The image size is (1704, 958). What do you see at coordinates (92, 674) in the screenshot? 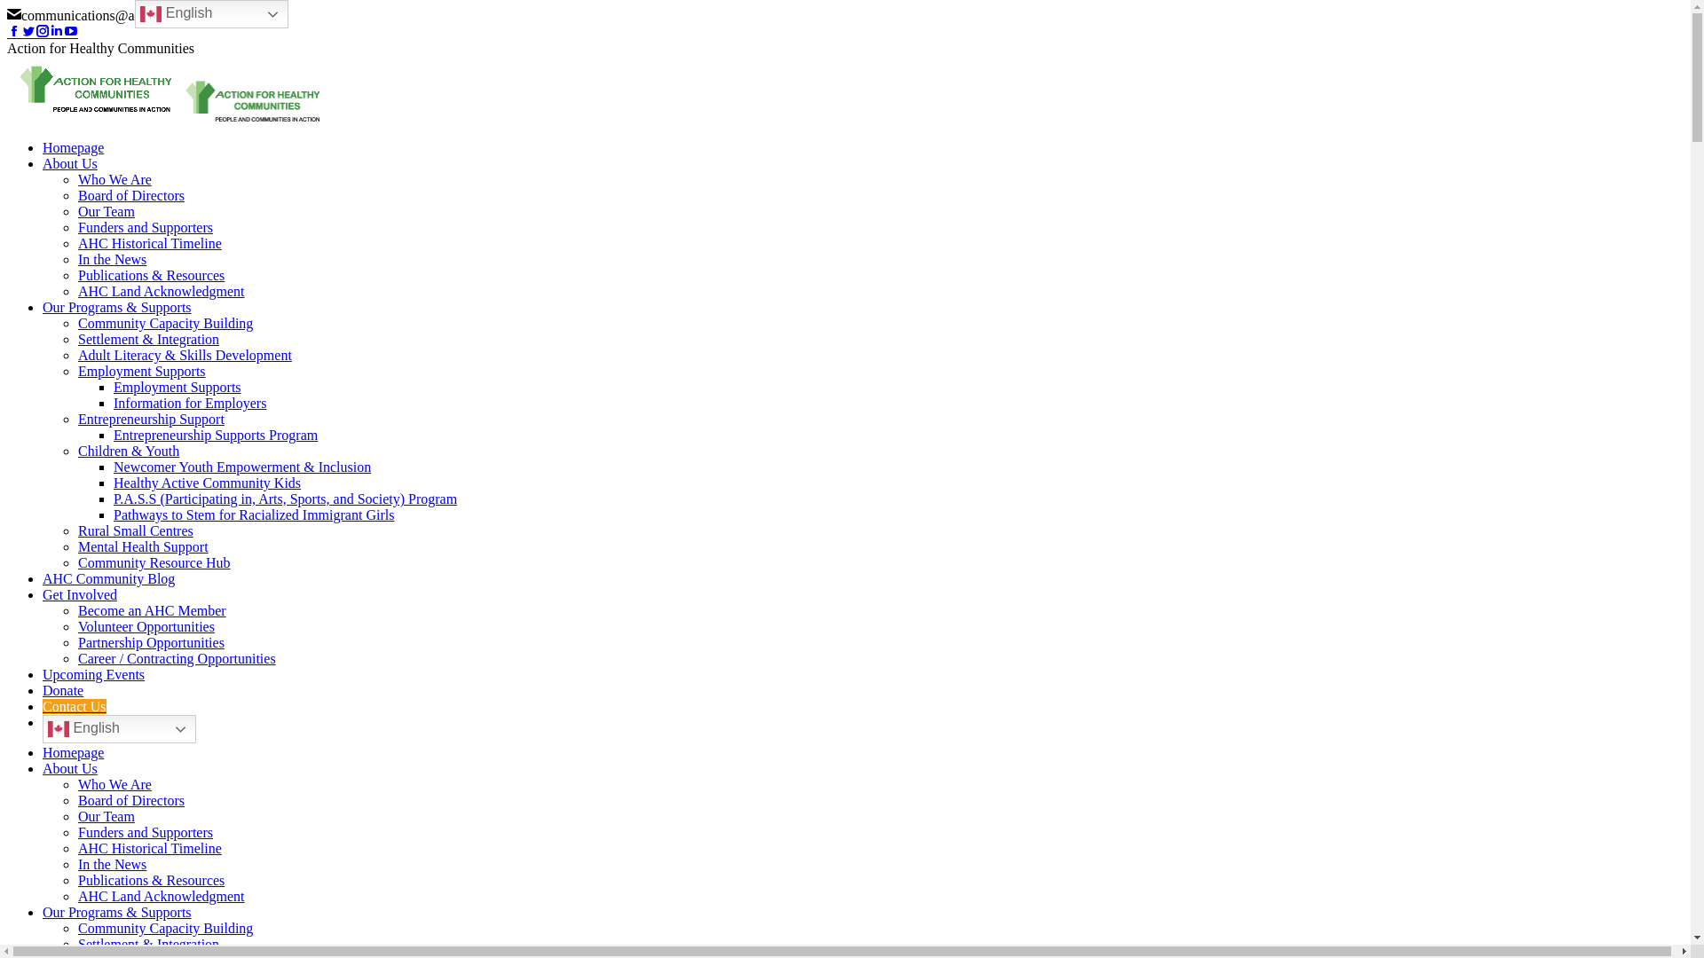
I see `'Upcoming Events'` at bounding box center [92, 674].